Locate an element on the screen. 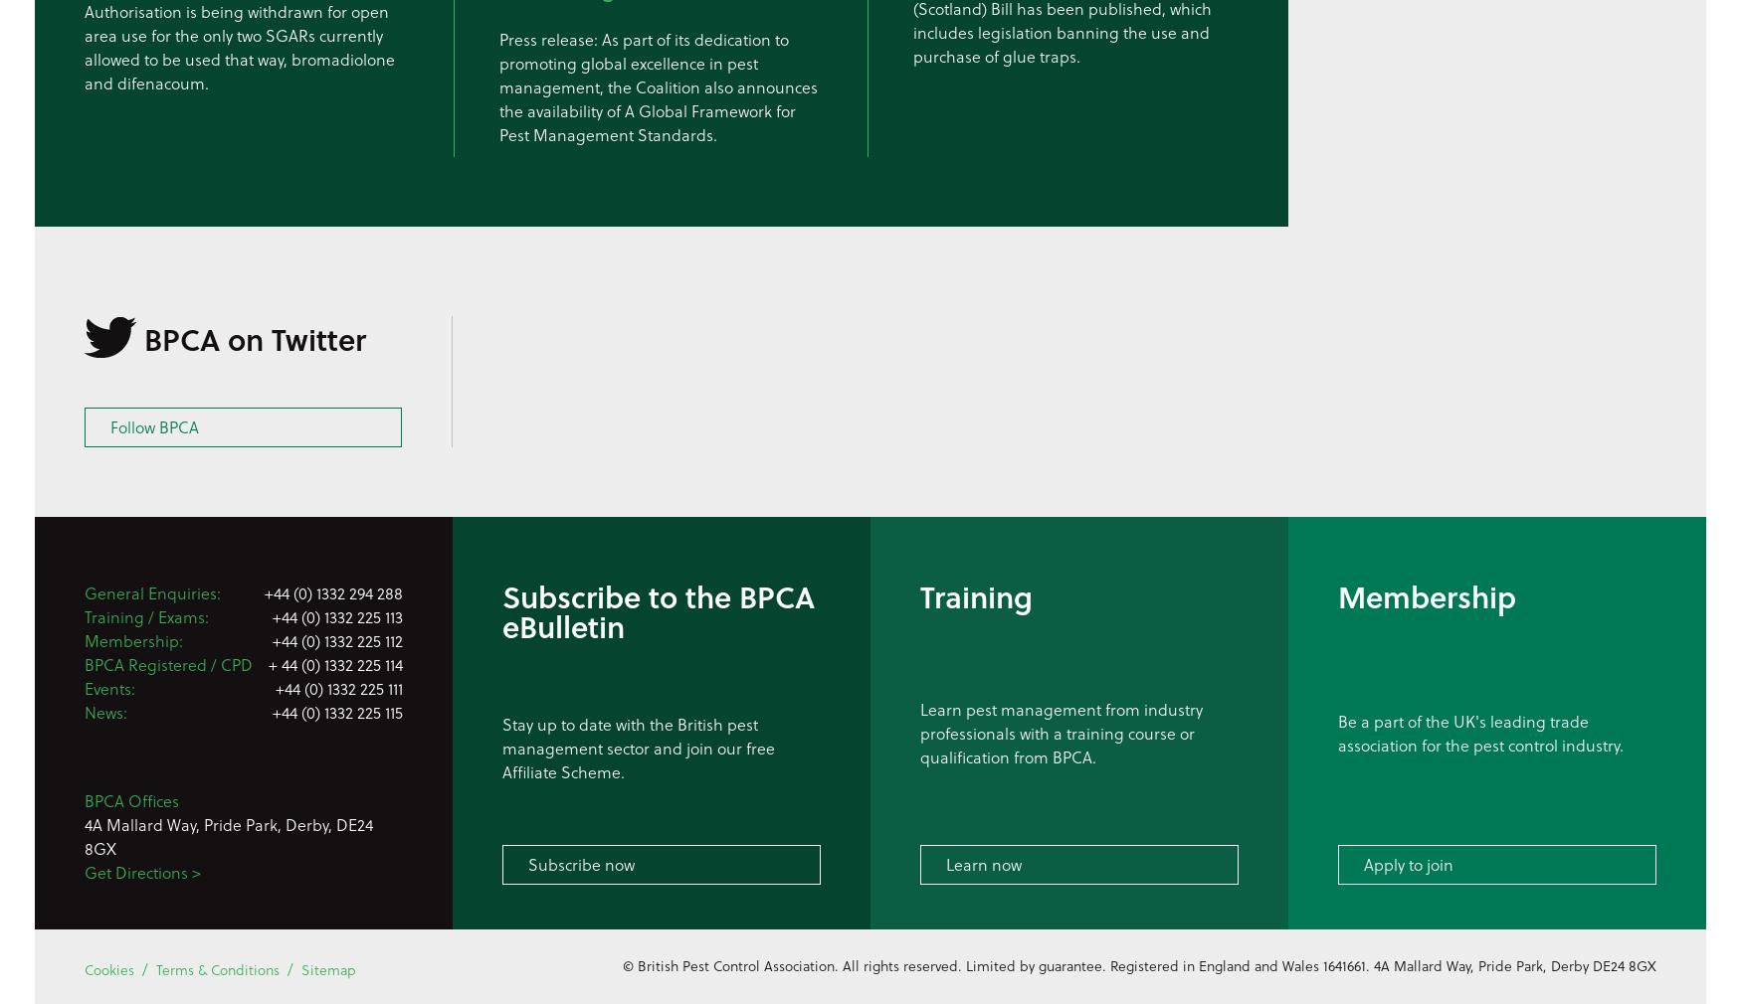 Image resolution: width=1741 pixels, height=1004 pixels. 'Membership:' is located at coordinates (132, 639).